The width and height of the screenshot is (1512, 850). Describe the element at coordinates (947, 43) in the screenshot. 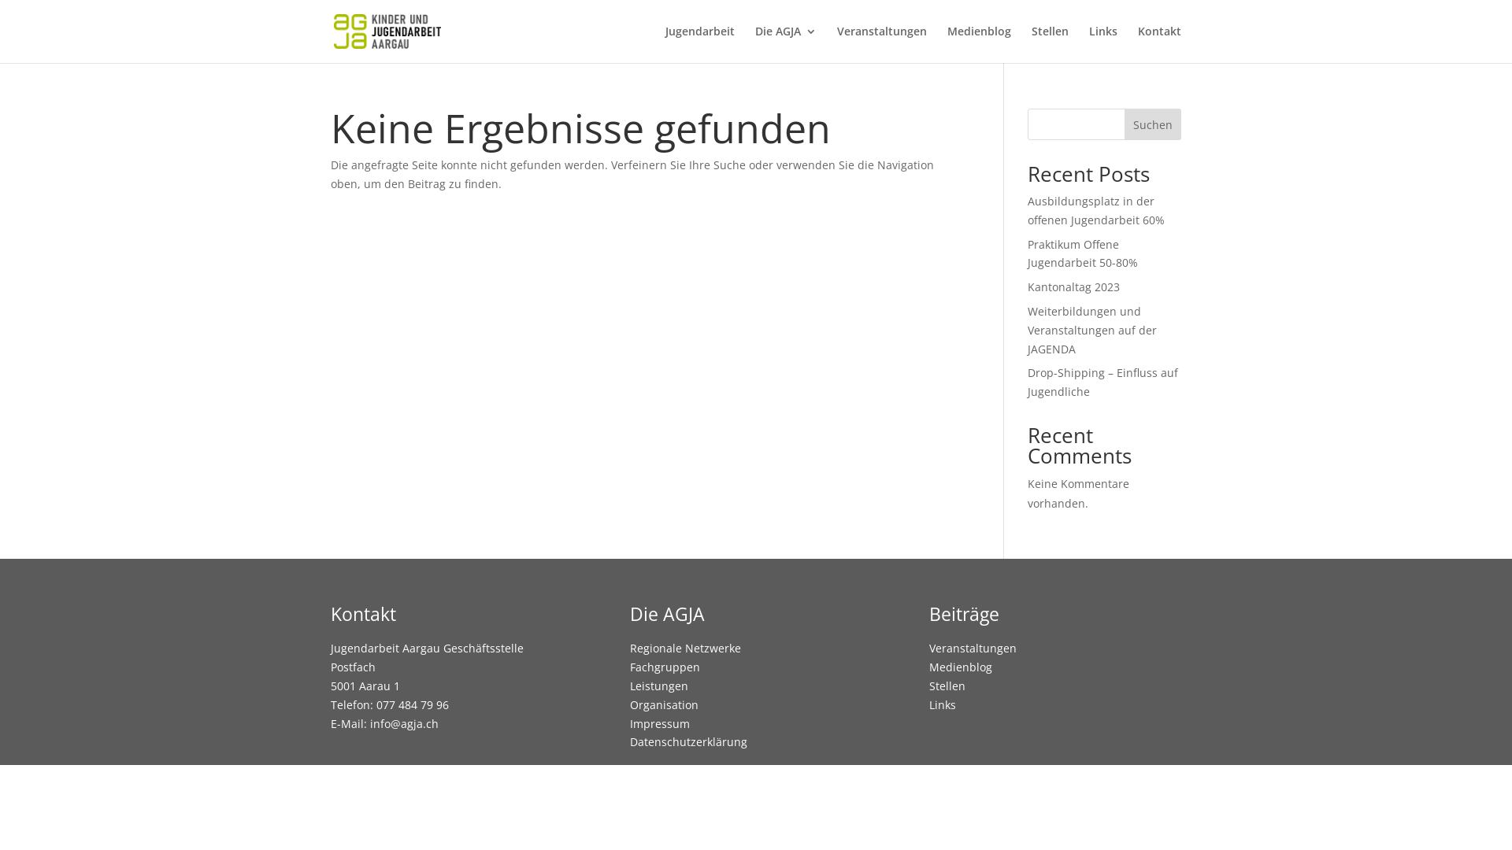

I see `'Medienblog'` at that location.